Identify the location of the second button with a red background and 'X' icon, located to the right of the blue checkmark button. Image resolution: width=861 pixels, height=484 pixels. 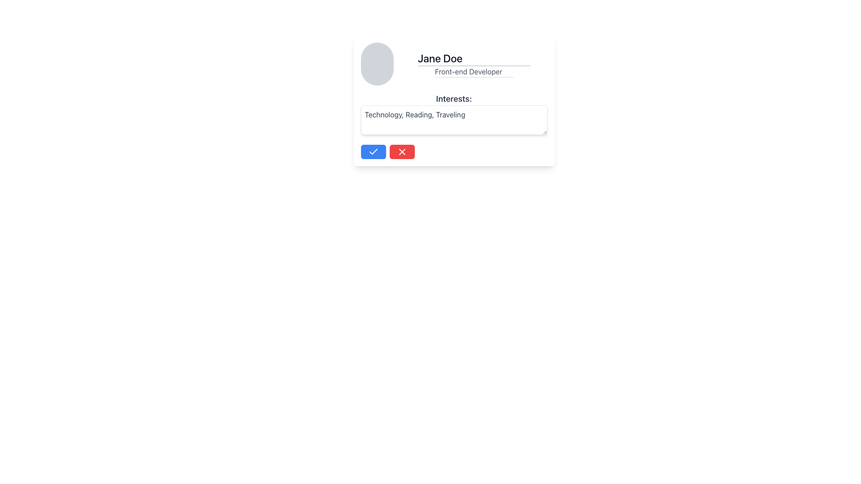
(401, 151).